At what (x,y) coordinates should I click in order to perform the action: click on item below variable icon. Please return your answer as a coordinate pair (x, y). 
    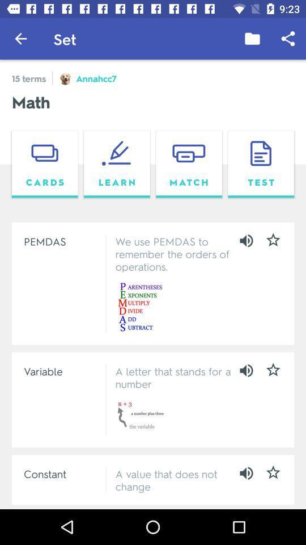
    Looking at the image, I should click on (62, 473).